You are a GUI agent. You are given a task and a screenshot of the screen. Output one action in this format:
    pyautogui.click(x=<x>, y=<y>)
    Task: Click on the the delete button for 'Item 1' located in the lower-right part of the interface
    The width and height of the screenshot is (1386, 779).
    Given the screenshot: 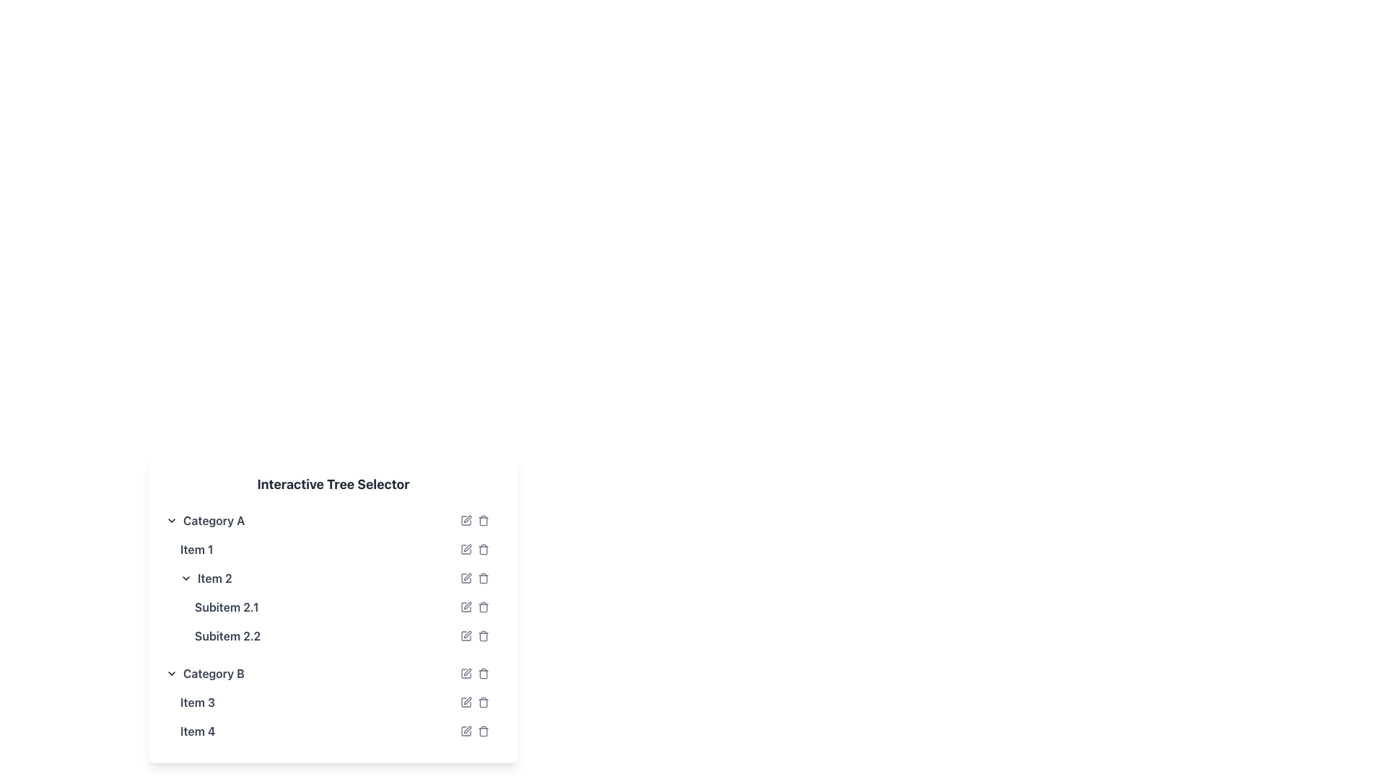 What is the action you would take?
    pyautogui.click(x=484, y=550)
    